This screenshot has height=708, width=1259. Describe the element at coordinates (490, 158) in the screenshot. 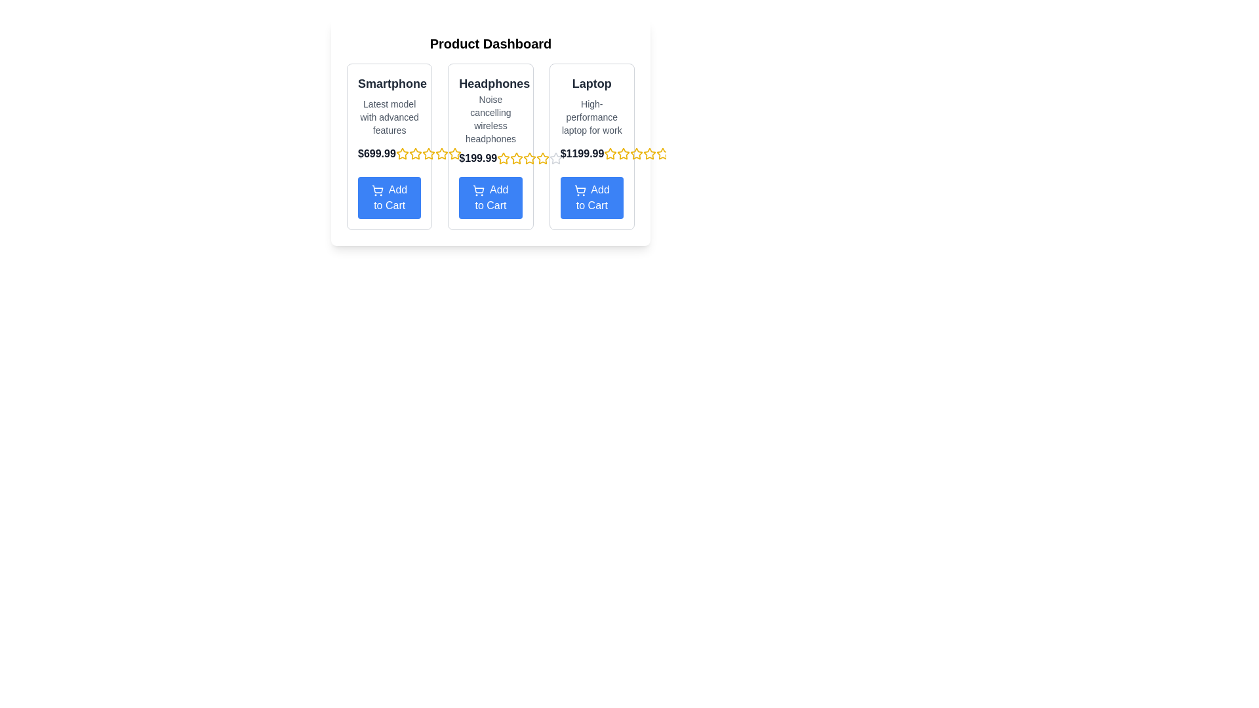

I see `the price display text of the 'Headphones' product, which is located beneath the product description 'Noise cancelling wireless headphones' and adjacent to the star rating feature` at that location.